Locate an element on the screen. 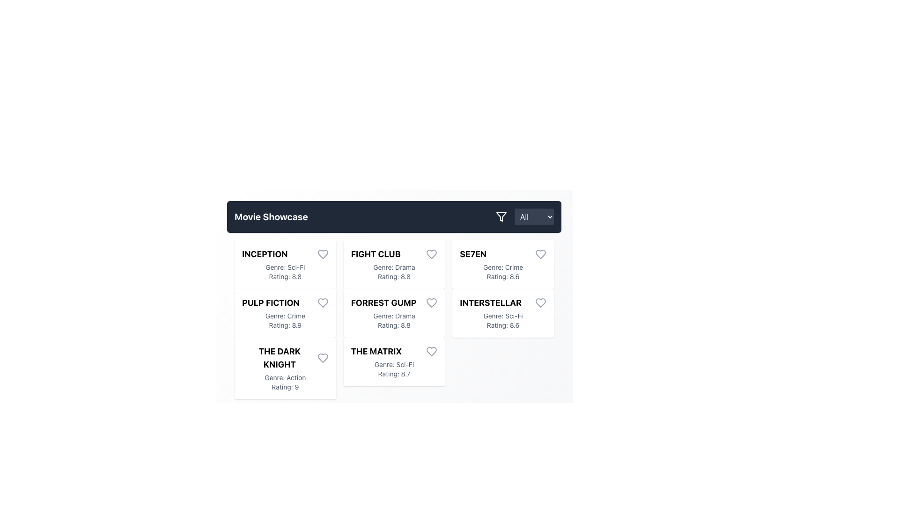  the heart icon button next to the movie titled 'THE DARK KNIGHT' is located at coordinates (323, 358).